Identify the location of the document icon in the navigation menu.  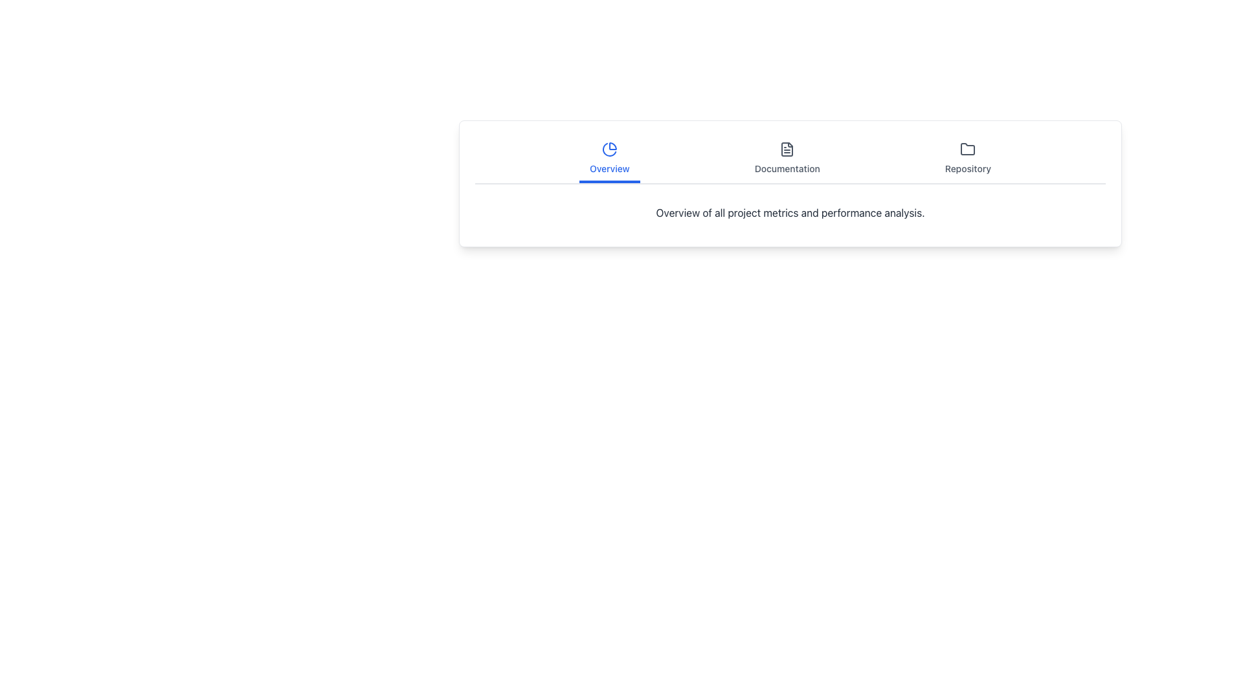
(787, 149).